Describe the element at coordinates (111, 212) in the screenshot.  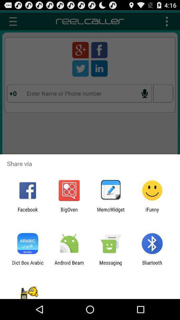
I see `the memowidget icon` at that location.